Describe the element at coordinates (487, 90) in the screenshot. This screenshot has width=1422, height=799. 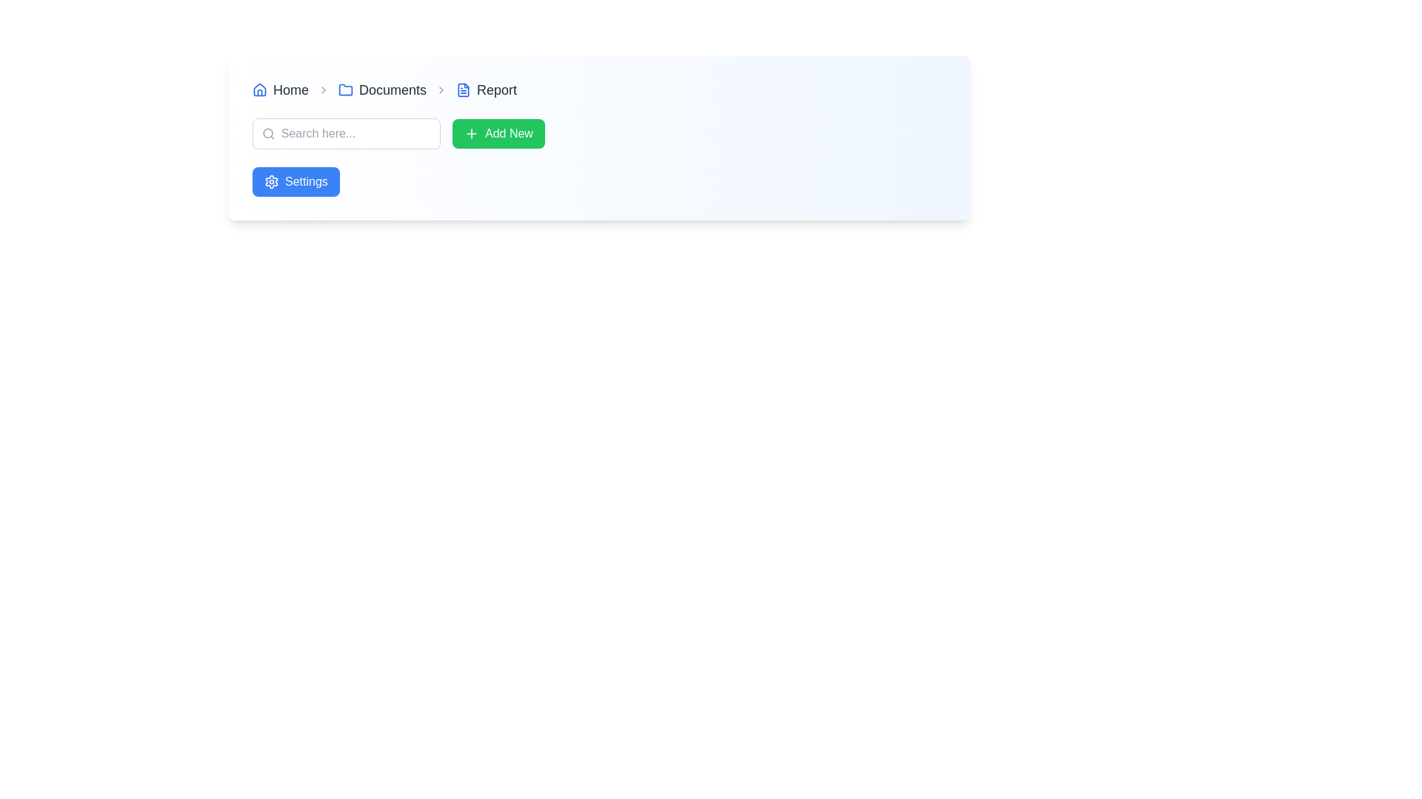
I see `the breadcrumb navigation text indicating 'Report'` at that location.